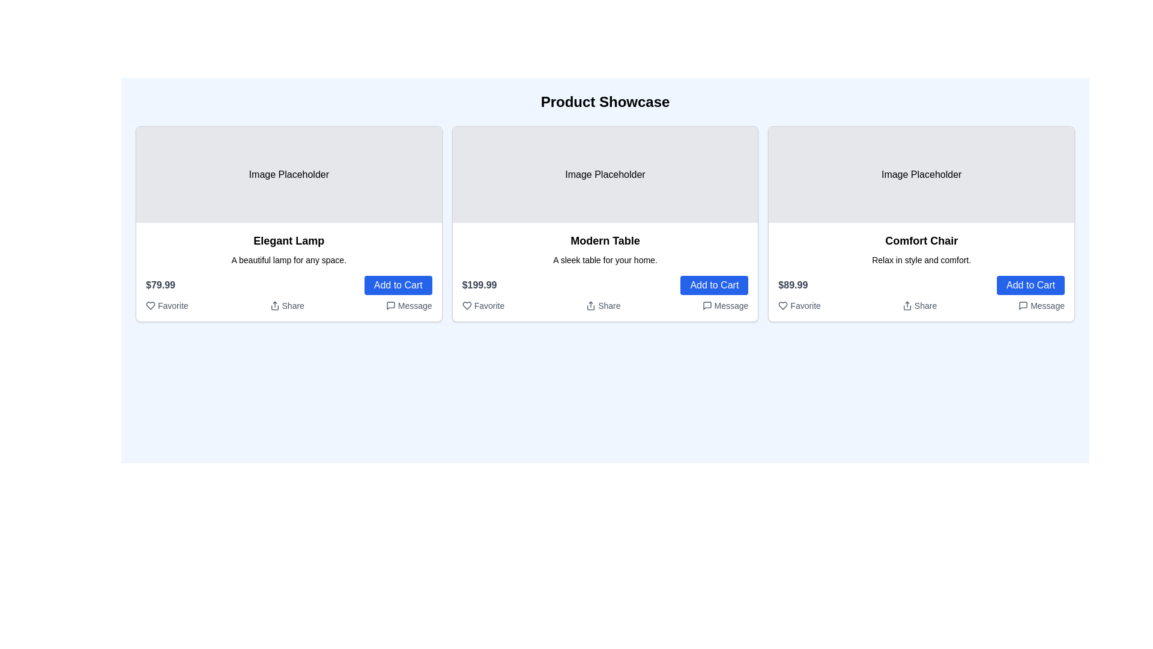 This screenshot has width=1153, height=649. Describe the element at coordinates (799, 305) in the screenshot. I see `the 'Favorite' button with a heart icon located at the bottom left of the third card titled 'Comfort Chair' for keyboard interaction` at that location.